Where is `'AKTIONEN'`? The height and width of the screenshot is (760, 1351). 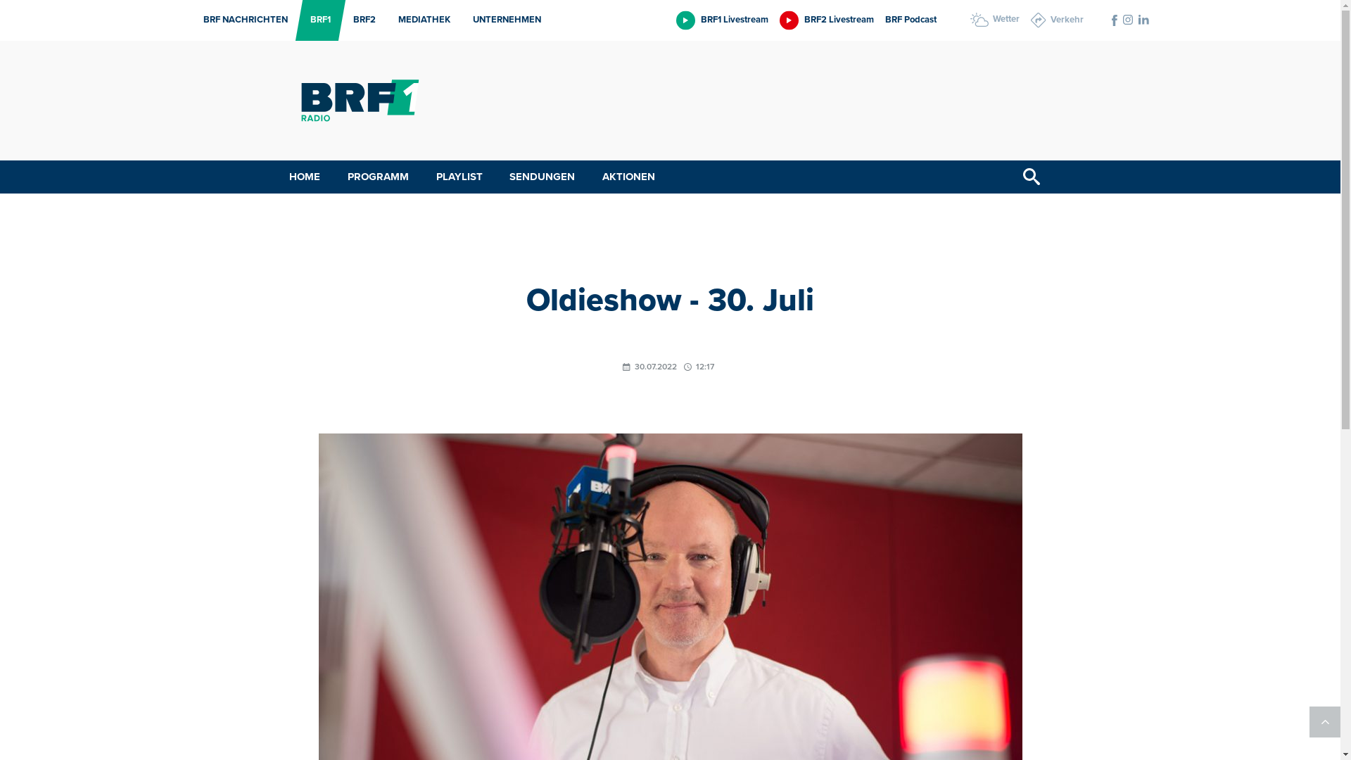
'AKTIONEN' is located at coordinates (597, 176).